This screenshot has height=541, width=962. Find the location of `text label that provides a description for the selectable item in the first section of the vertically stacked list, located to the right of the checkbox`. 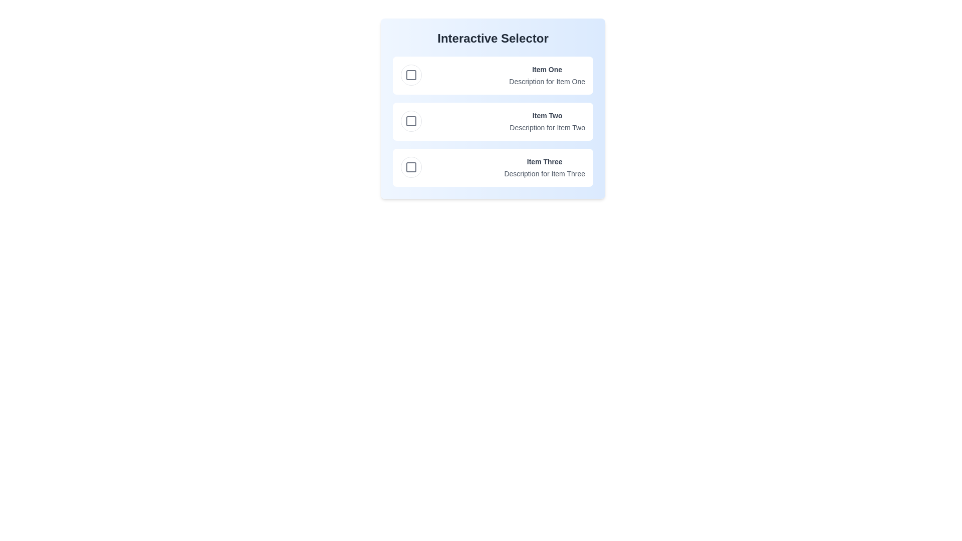

text label that provides a description for the selectable item in the first section of the vertically stacked list, located to the right of the checkbox is located at coordinates (547, 75).